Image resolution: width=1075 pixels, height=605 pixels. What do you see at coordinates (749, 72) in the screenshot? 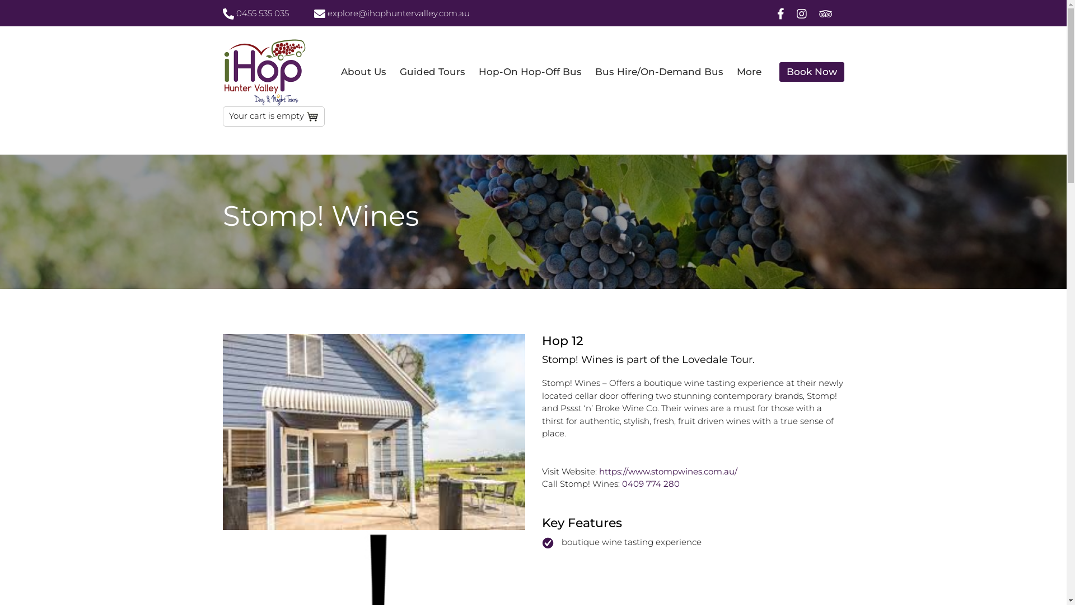
I see `'More'` at bounding box center [749, 72].